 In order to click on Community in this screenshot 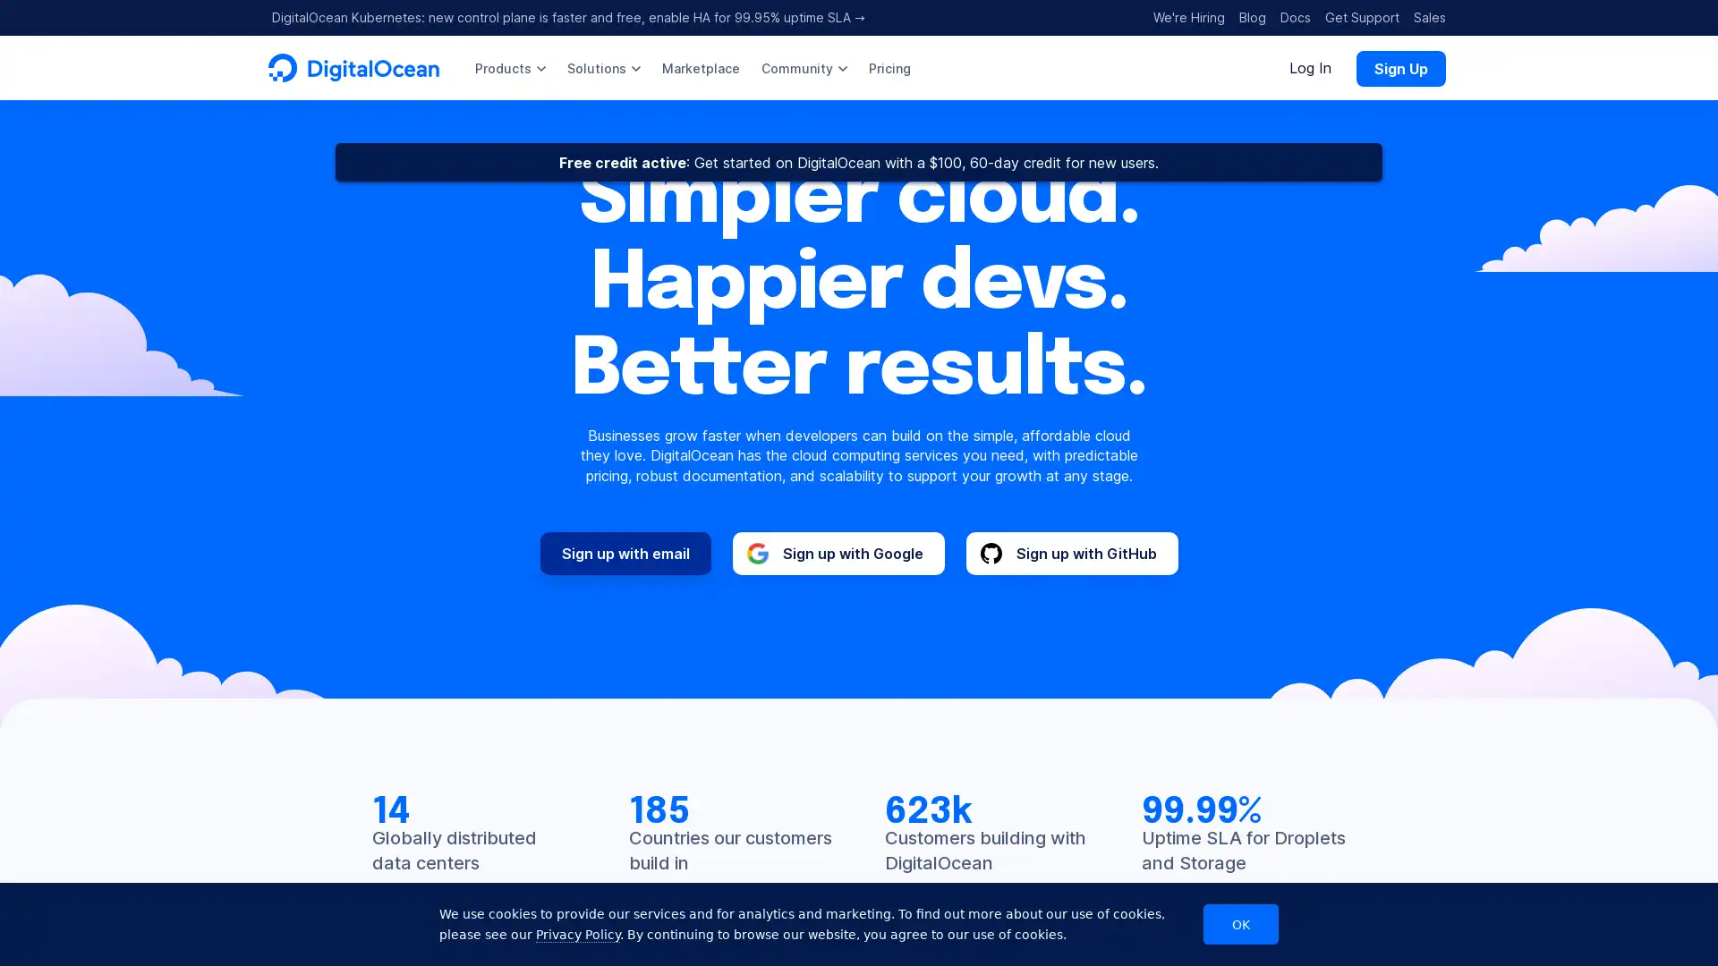, I will do `click(803, 67)`.